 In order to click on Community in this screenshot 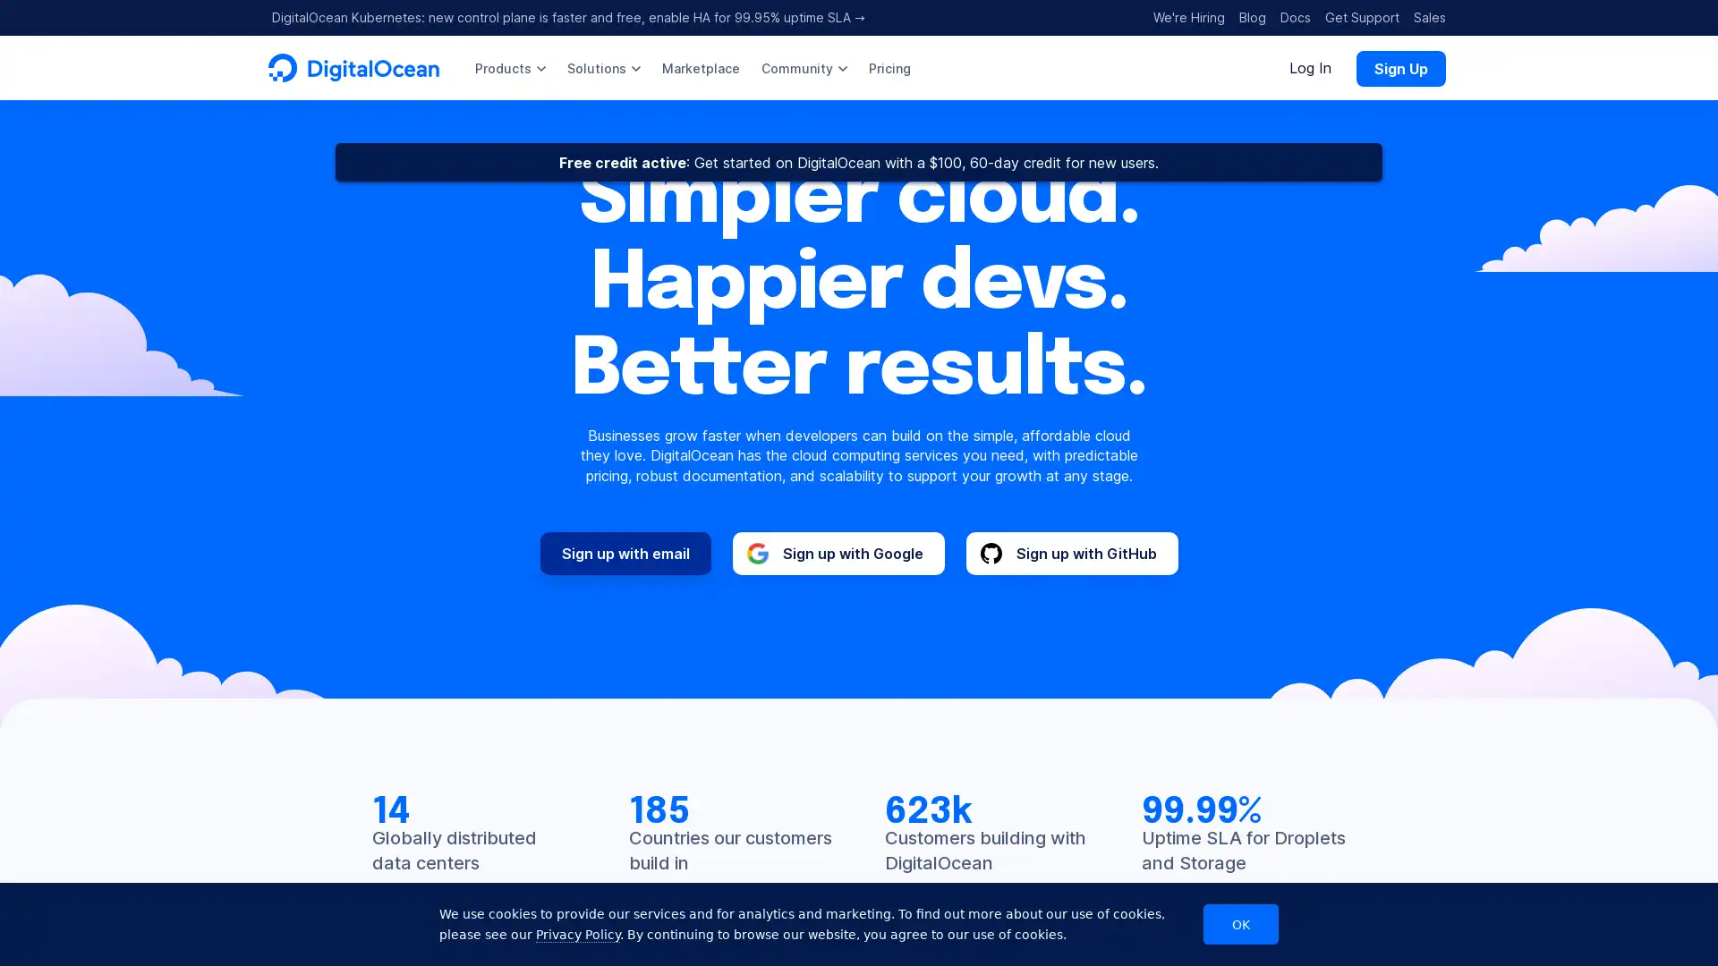, I will do `click(803, 67)`.